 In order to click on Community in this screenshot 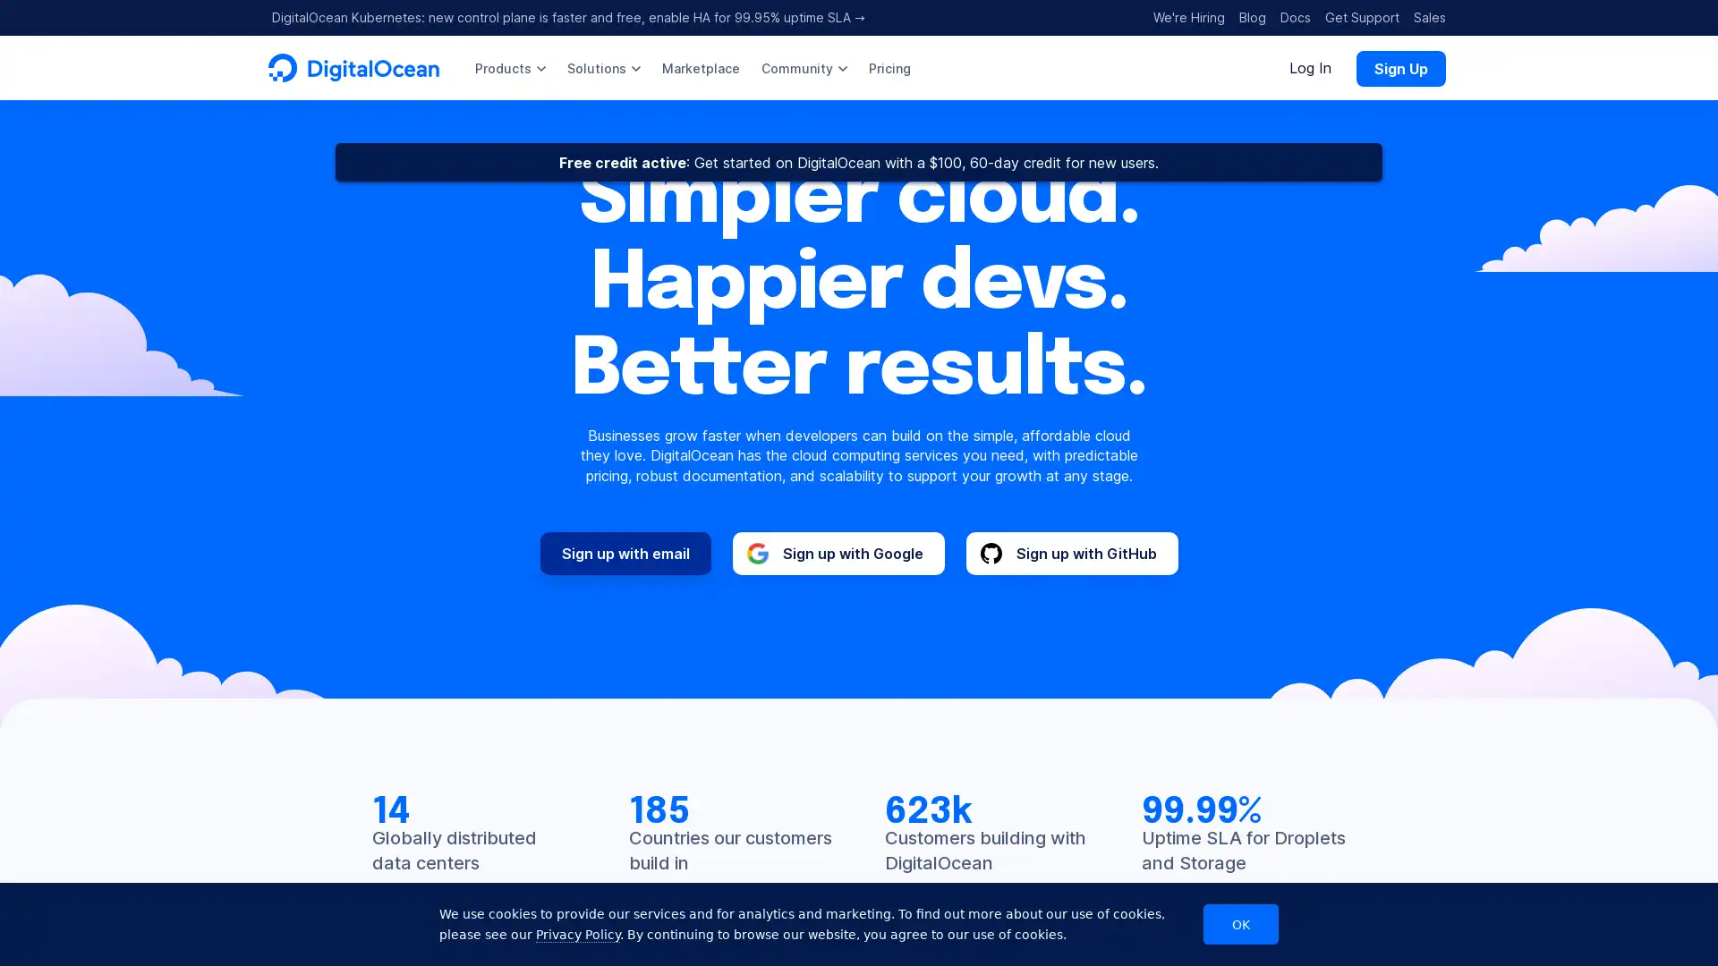, I will do `click(803, 67)`.